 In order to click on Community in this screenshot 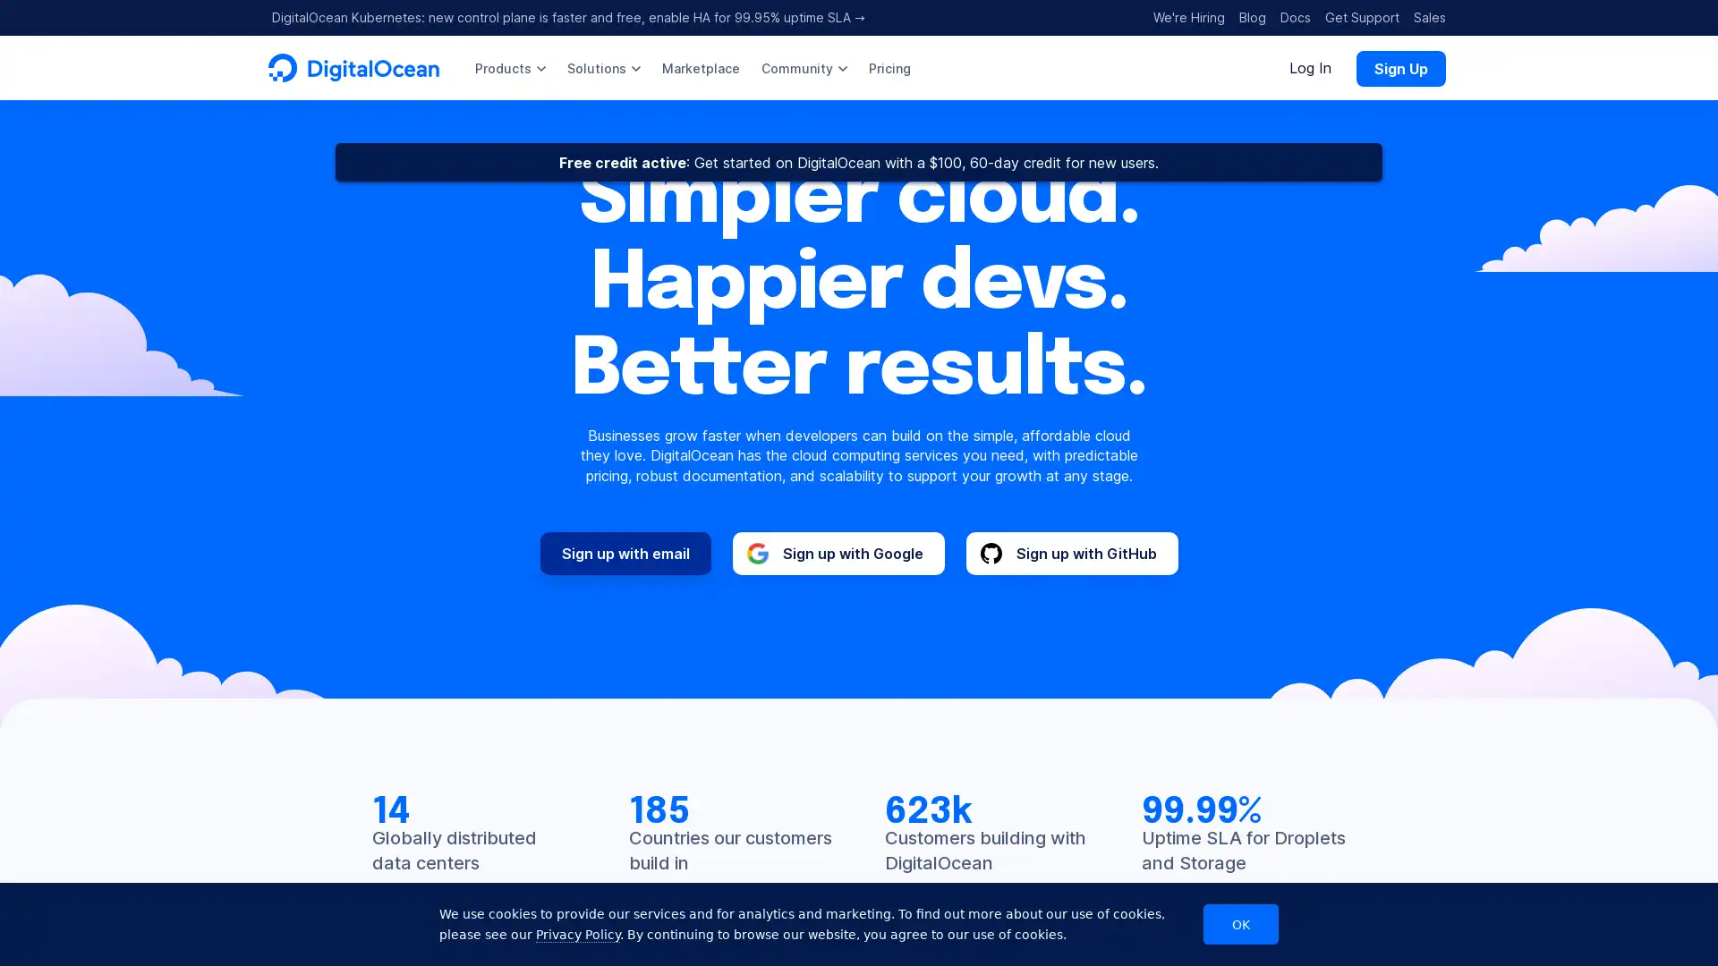, I will do `click(803, 67)`.